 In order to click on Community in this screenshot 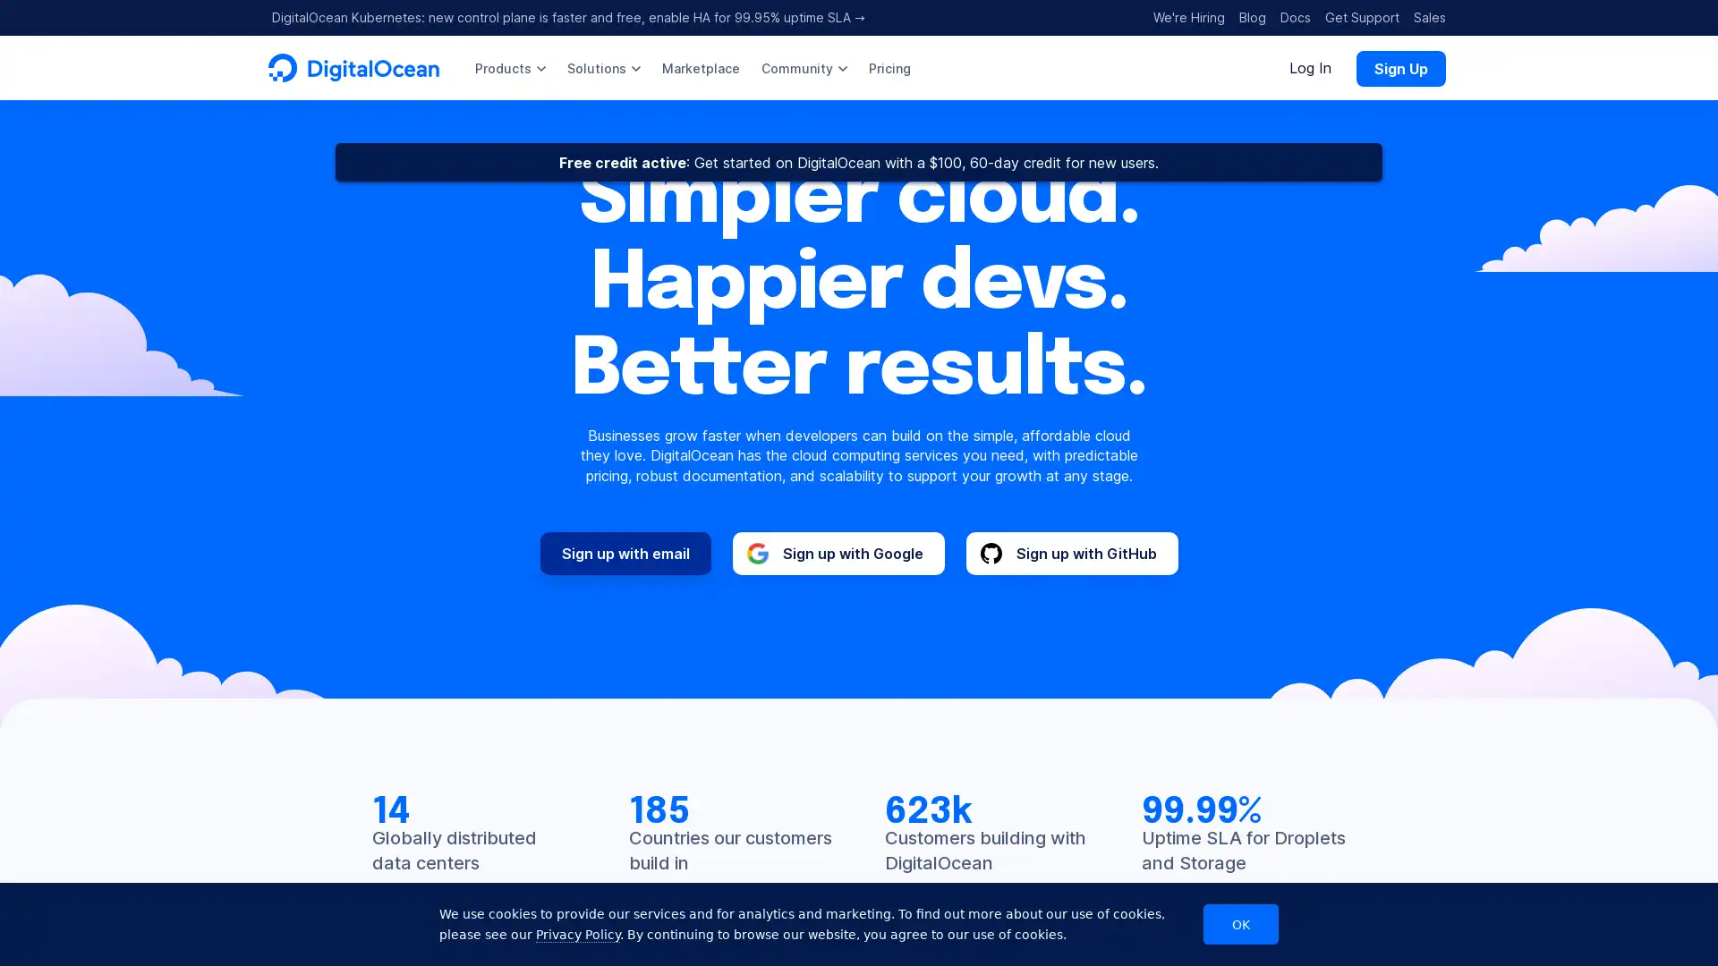, I will do `click(803, 67)`.